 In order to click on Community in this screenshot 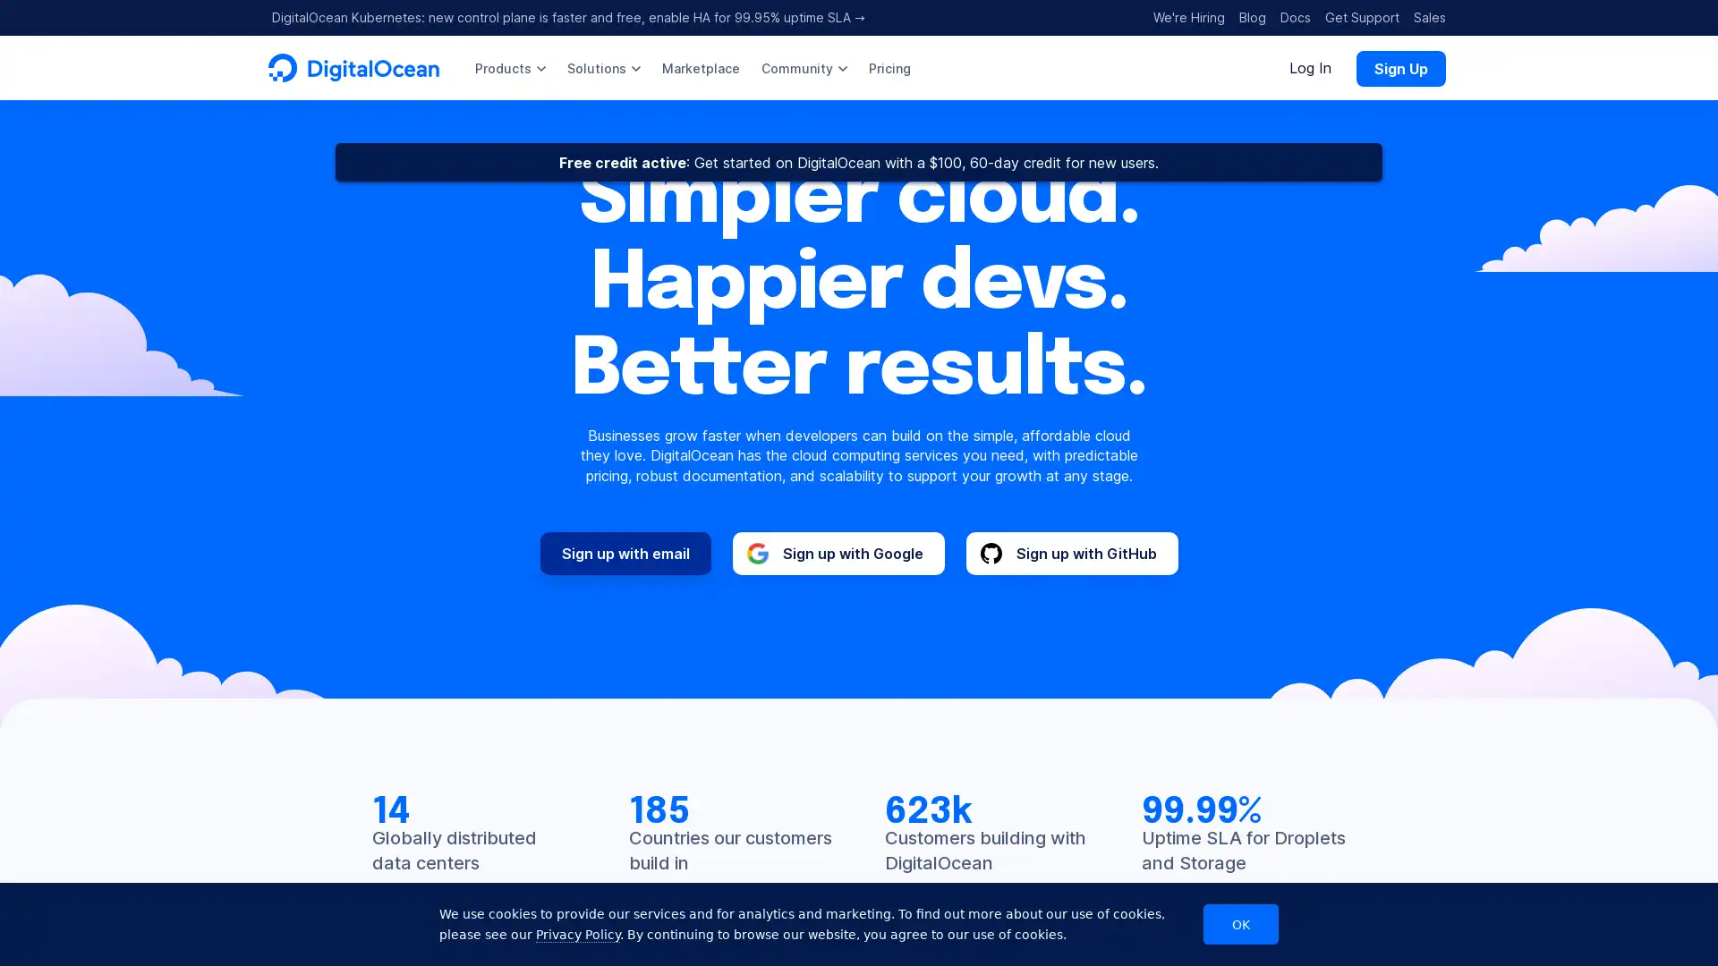, I will do `click(803, 67)`.